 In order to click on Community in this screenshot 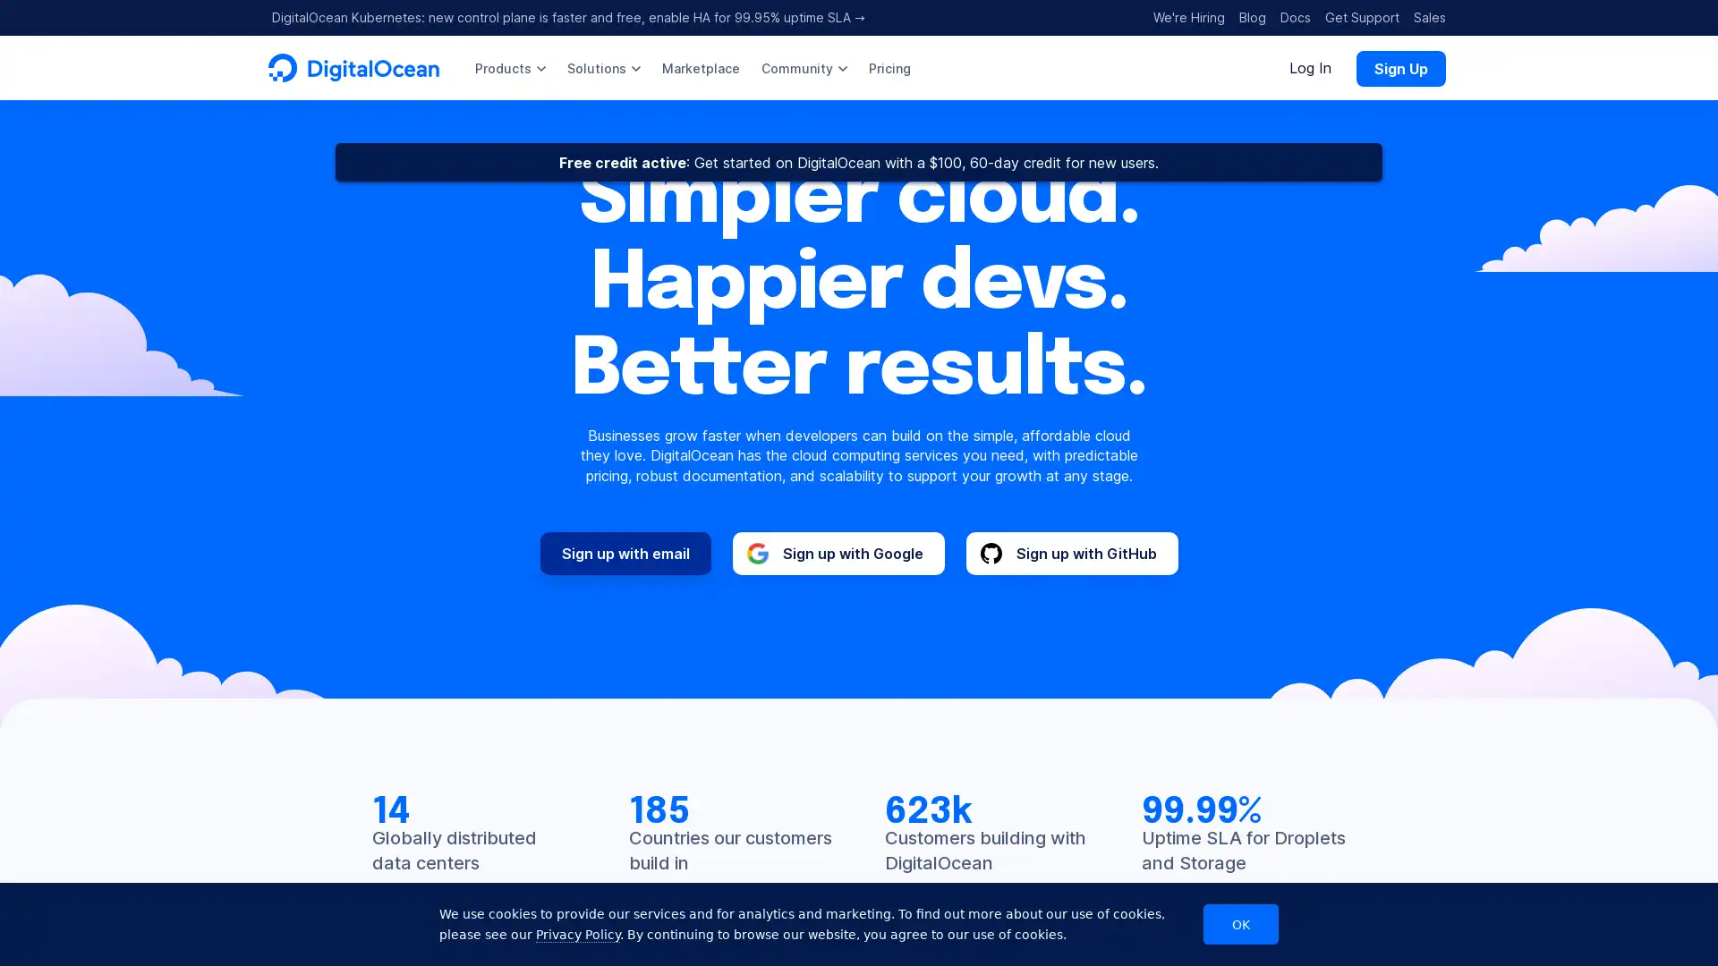, I will do `click(803, 67)`.